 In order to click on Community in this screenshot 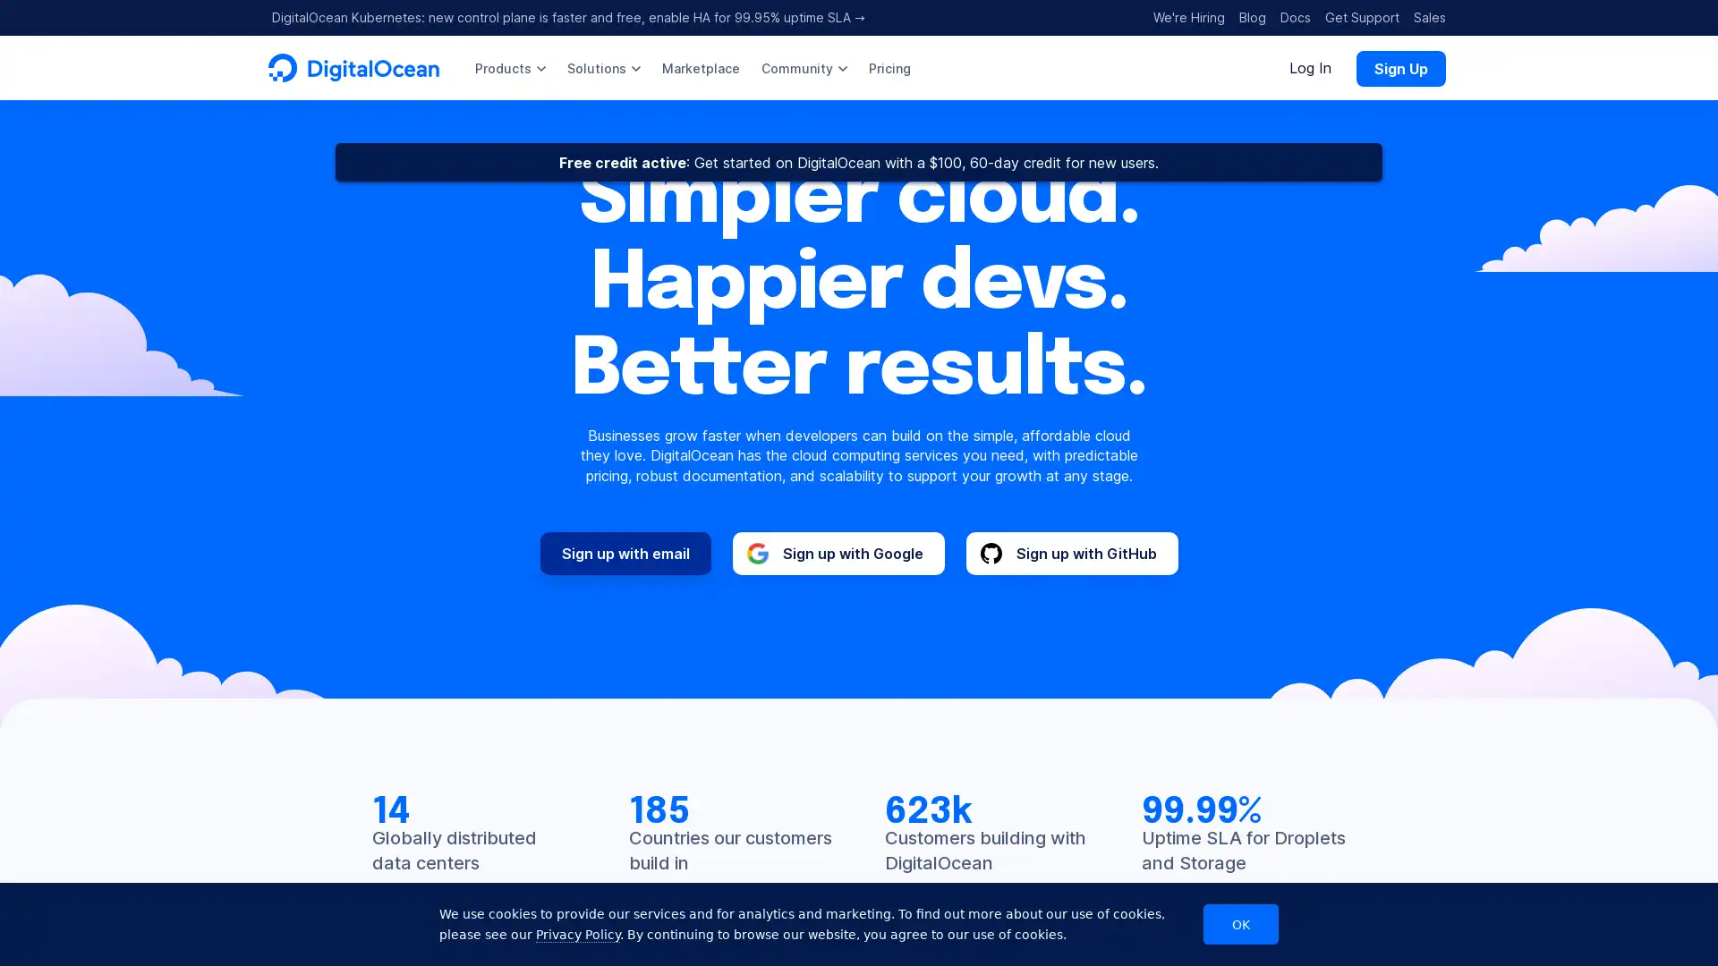, I will do `click(803, 67)`.